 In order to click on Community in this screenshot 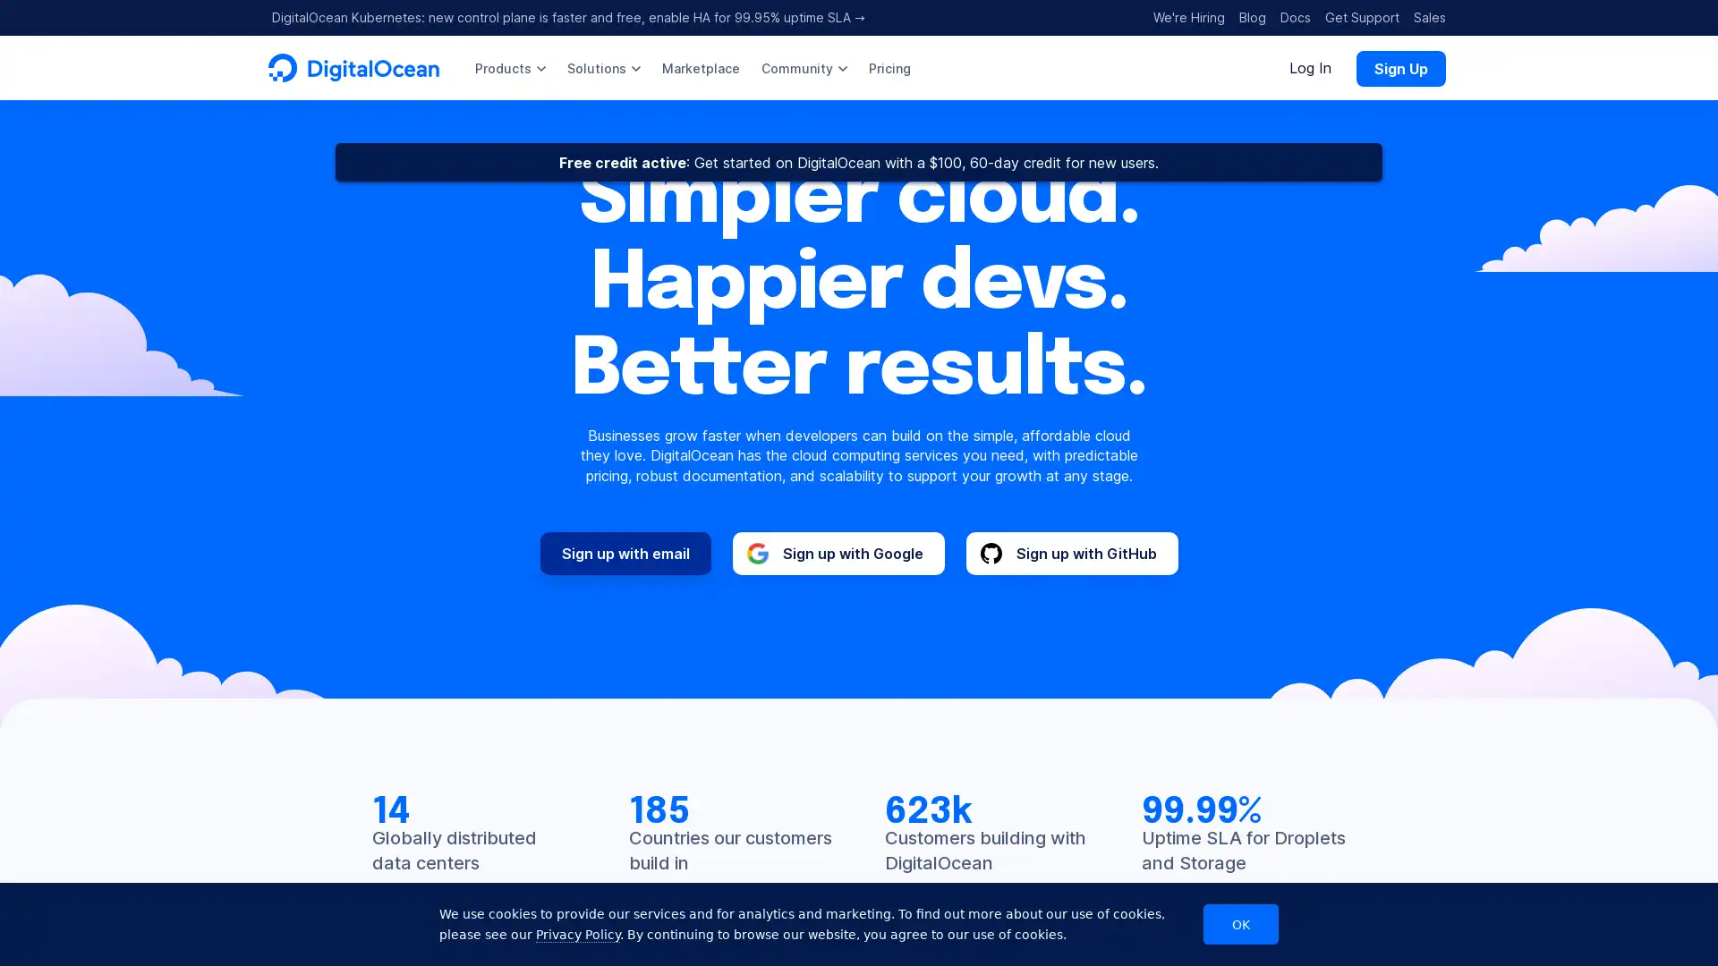, I will do `click(803, 67)`.